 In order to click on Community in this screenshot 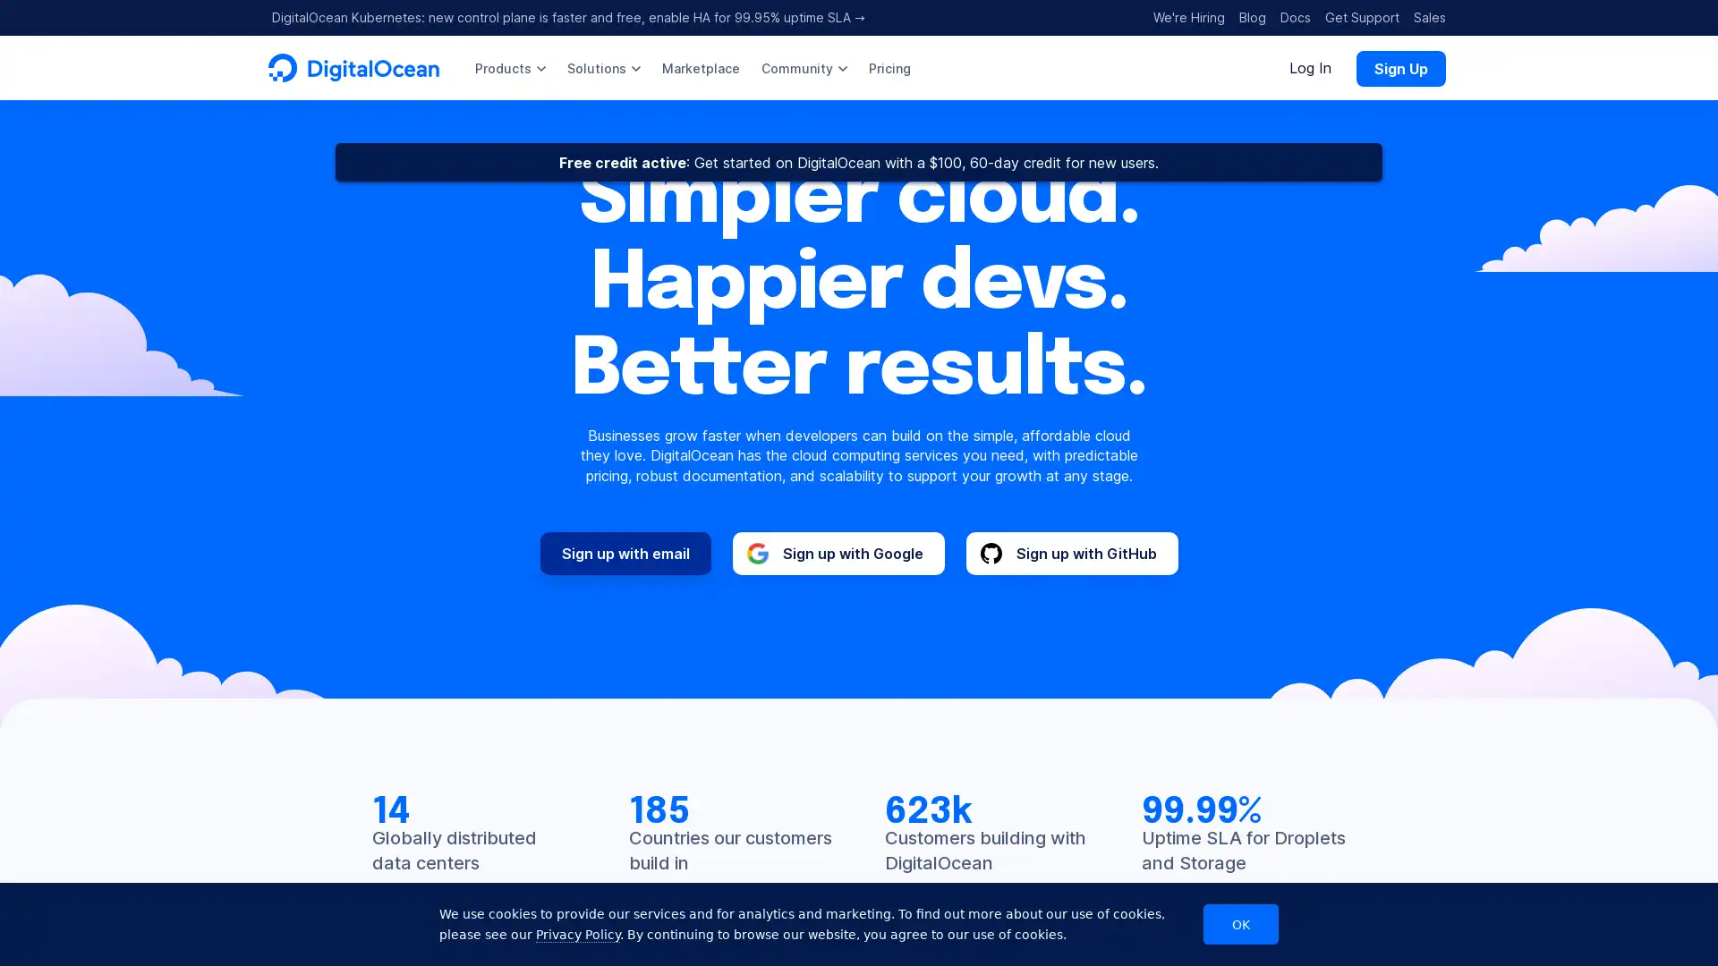, I will do `click(803, 67)`.